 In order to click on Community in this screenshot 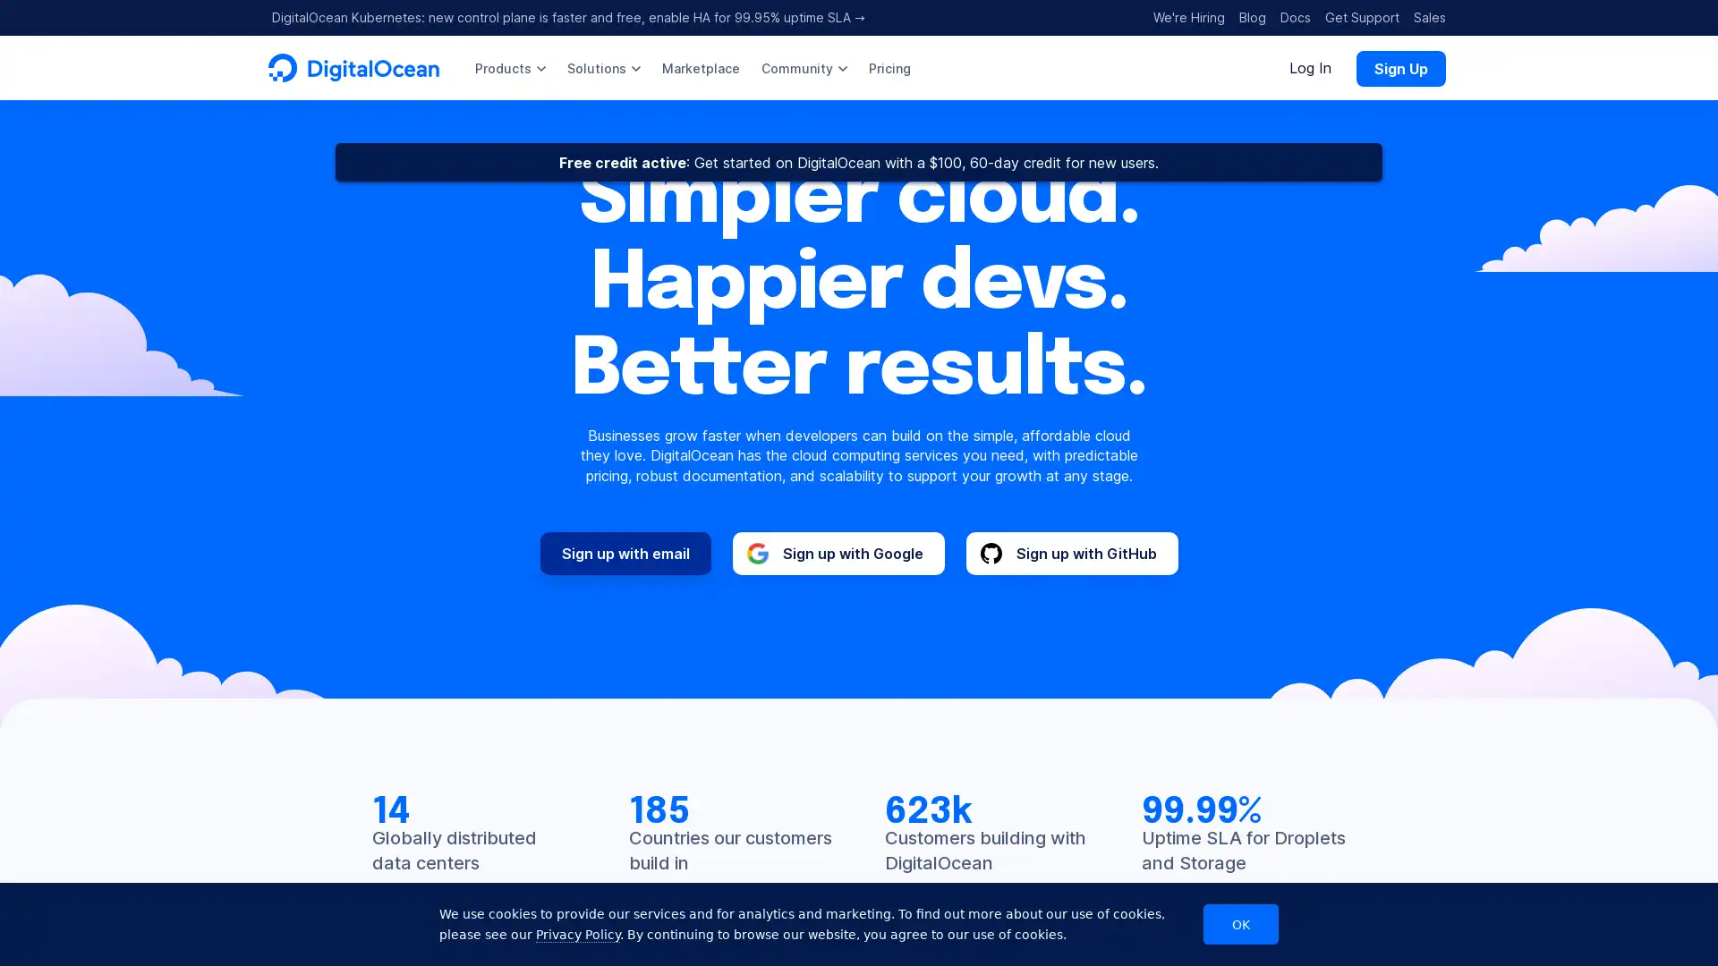, I will do `click(803, 67)`.